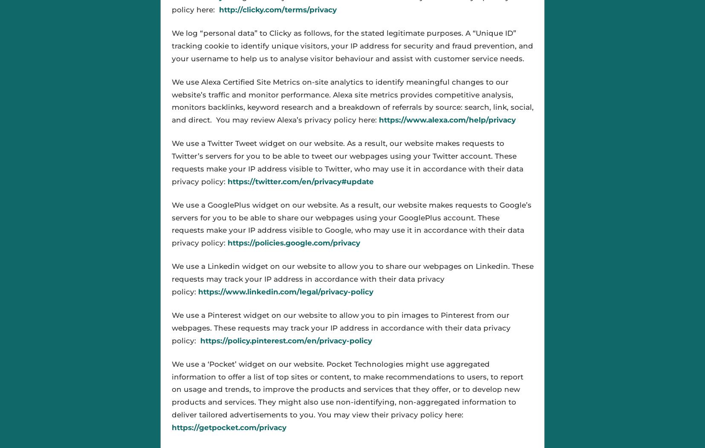  Describe the element at coordinates (170, 328) in the screenshot. I see `'We use a Pinterest widget on our website to allow you to pin images to Pinterest from our webpages. These requests may track your IP address in accordance with their data privacy policy:'` at that location.